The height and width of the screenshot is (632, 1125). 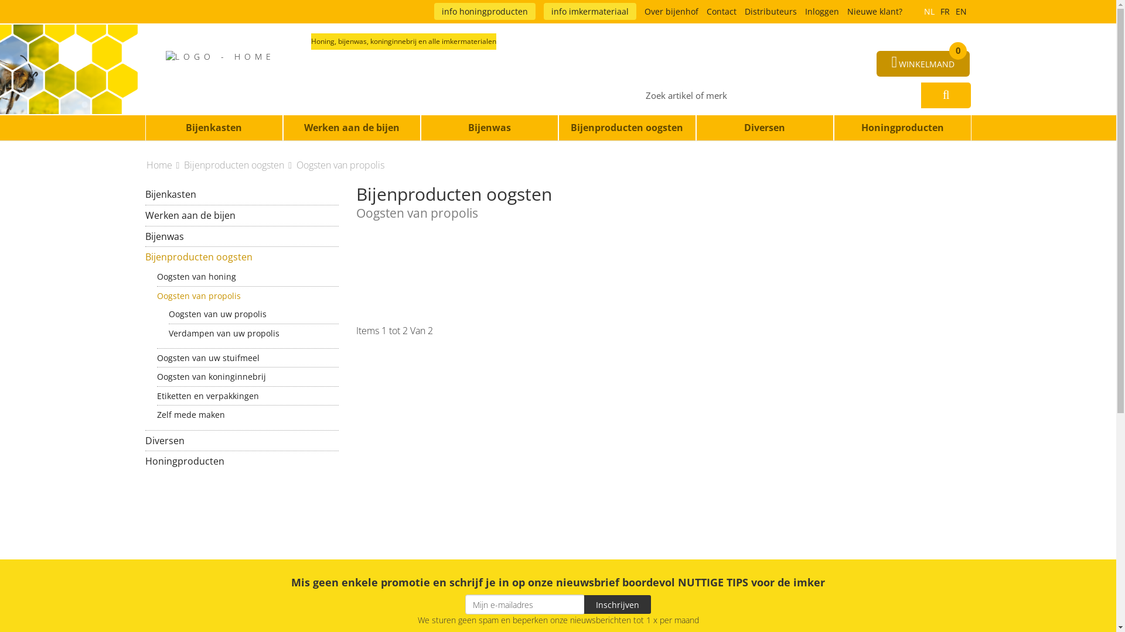 I want to click on 'EN', so click(x=961, y=12).